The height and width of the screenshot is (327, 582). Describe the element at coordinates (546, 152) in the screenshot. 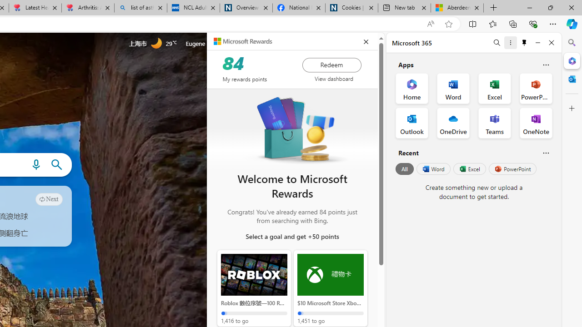

I see `'Is this helpful?'` at that location.